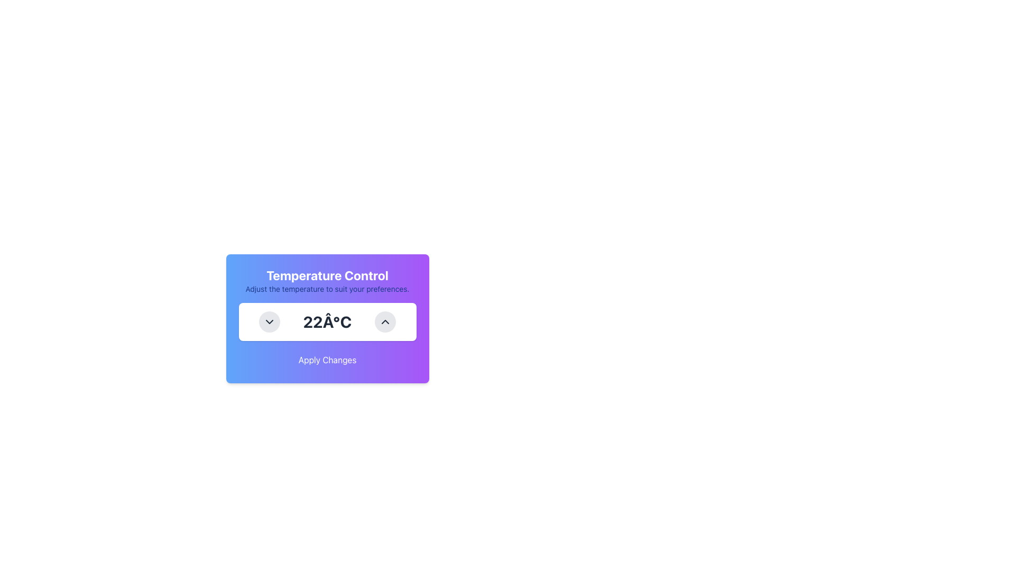  Describe the element at coordinates (269, 321) in the screenshot. I see `the chevron icon located inside the rounded button` at that location.